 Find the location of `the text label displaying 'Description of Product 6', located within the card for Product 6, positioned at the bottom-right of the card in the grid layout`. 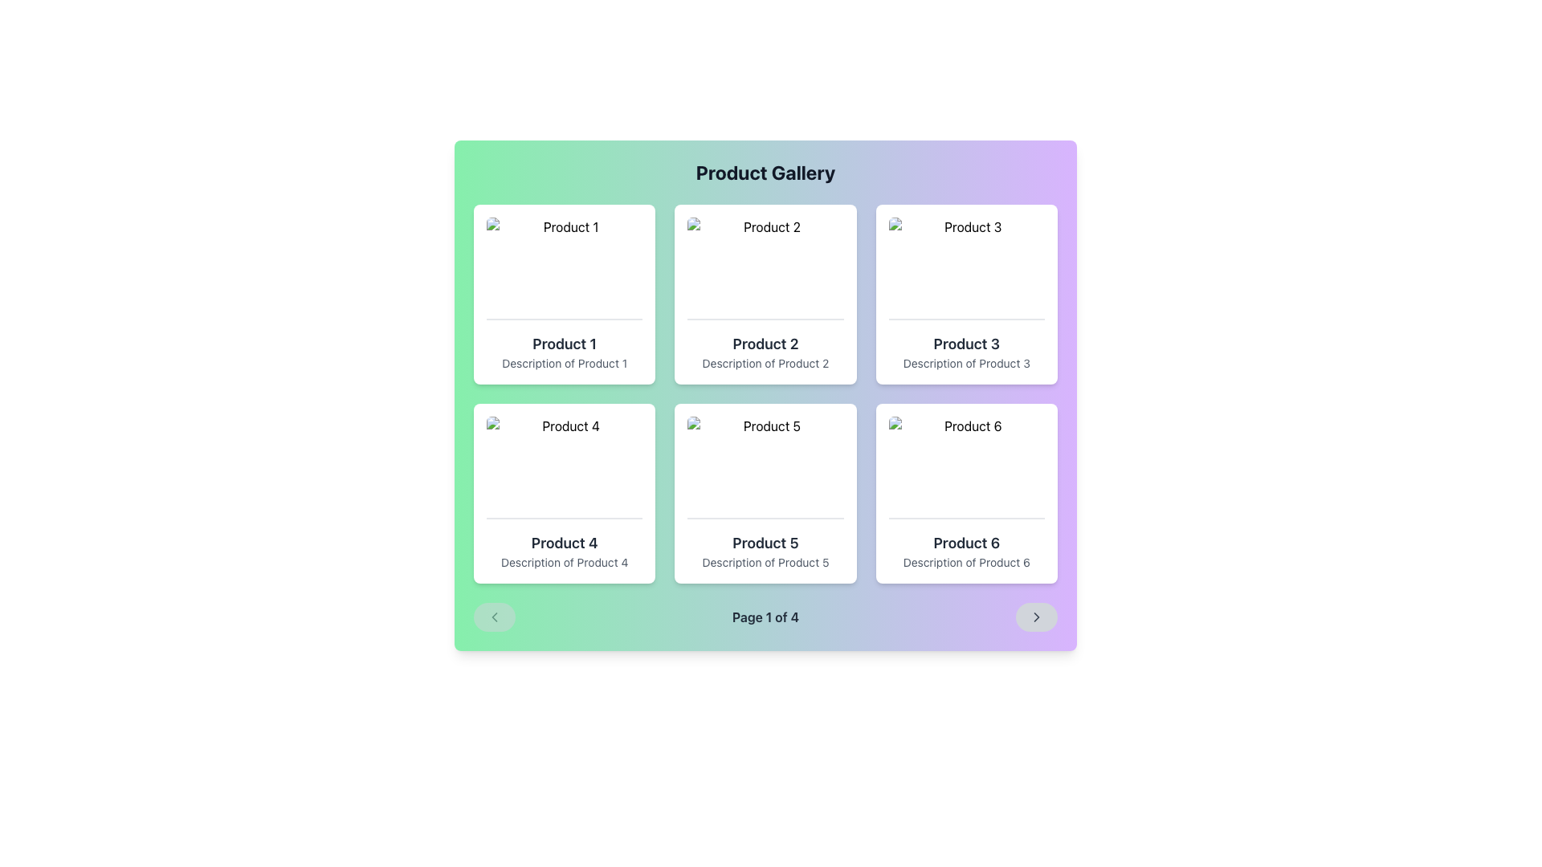

the text label displaying 'Description of Product 6', located within the card for Product 6, positioned at the bottom-right of the card in the grid layout is located at coordinates (965, 562).